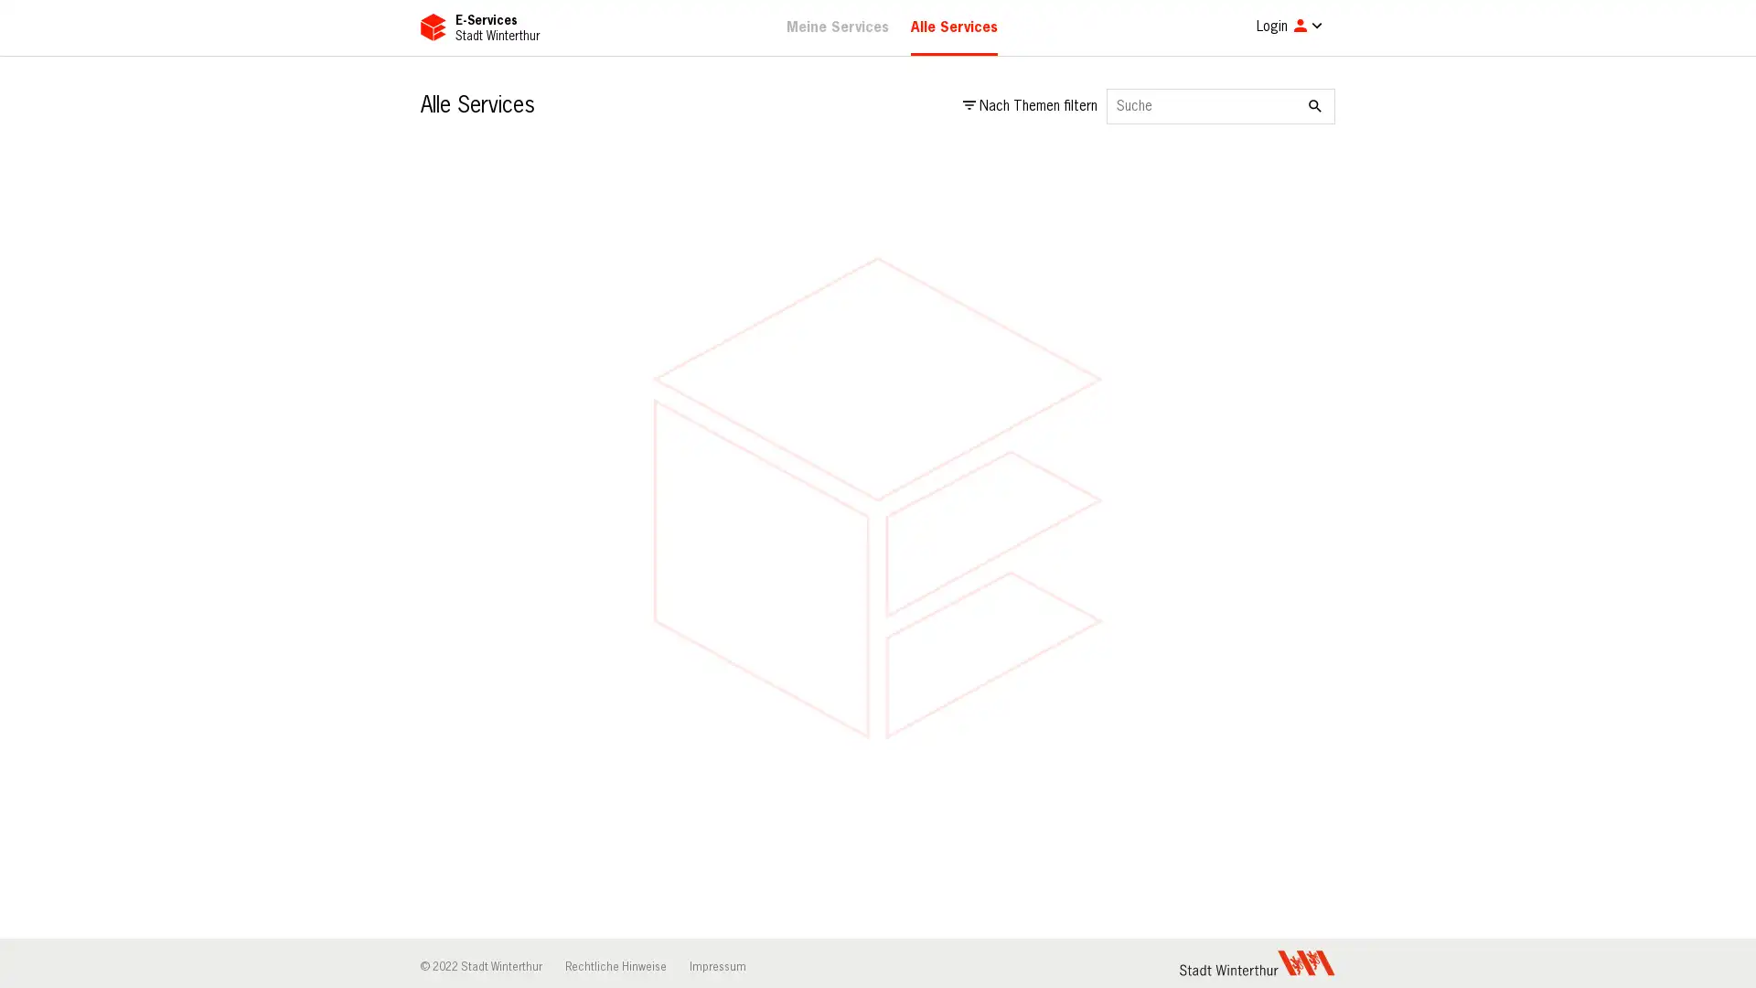 This screenshot has width=1756, height=988. Describe the element at coordinates (685, 961) in the screenshot. I see `Service Bestellung Bauabsteckung zu Meine Services hinzufugen` at that location.